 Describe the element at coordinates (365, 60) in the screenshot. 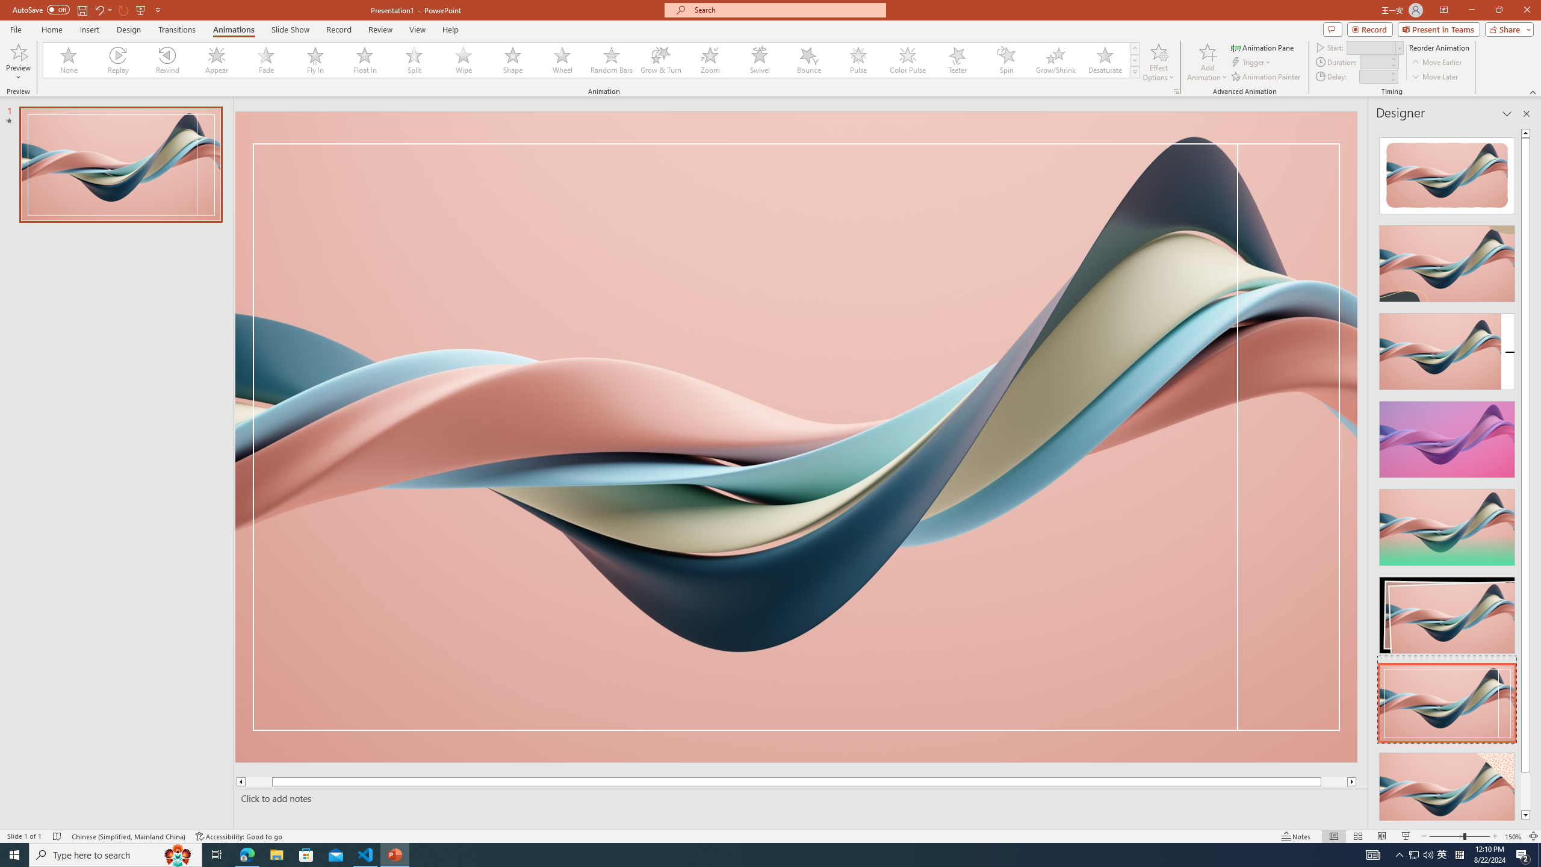

I see `'Float In'` at that location.